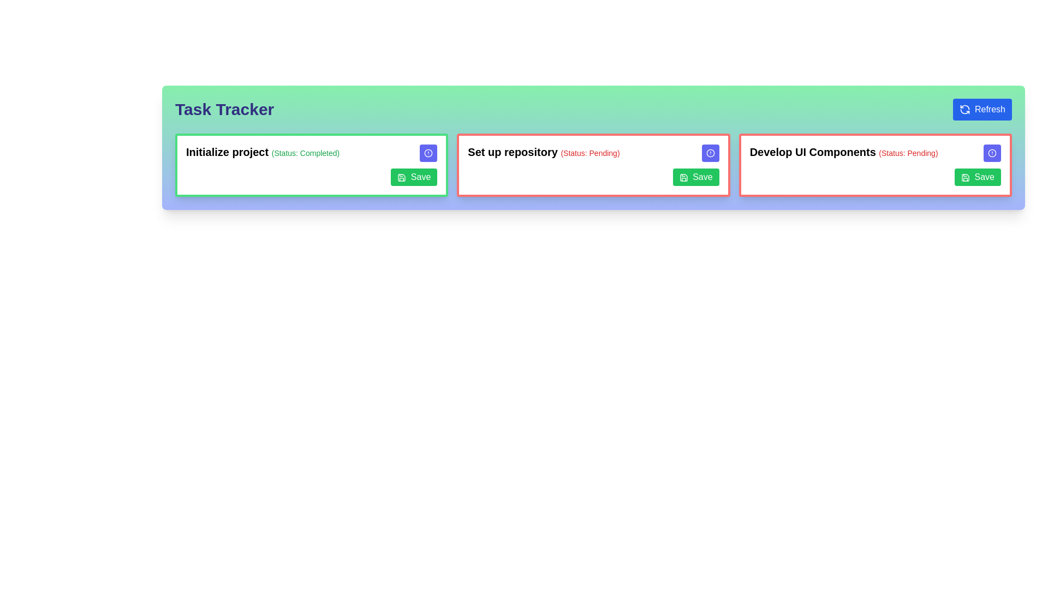  What do you see at coordinates (544, 153) in the screenshot?
I see `the title text element displaying 'Set up repository (Status: Pending)', which is located at the top-center of the second task card from the left` at bounding box center [544, 153].